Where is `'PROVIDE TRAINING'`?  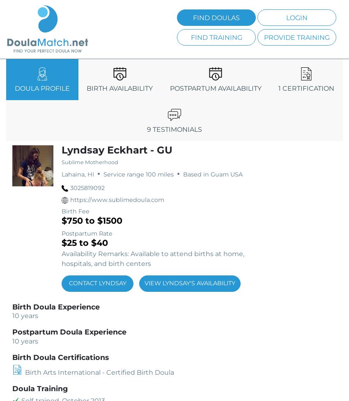
'PROVIDE TRAINING' is located at coordinates (296, 37).